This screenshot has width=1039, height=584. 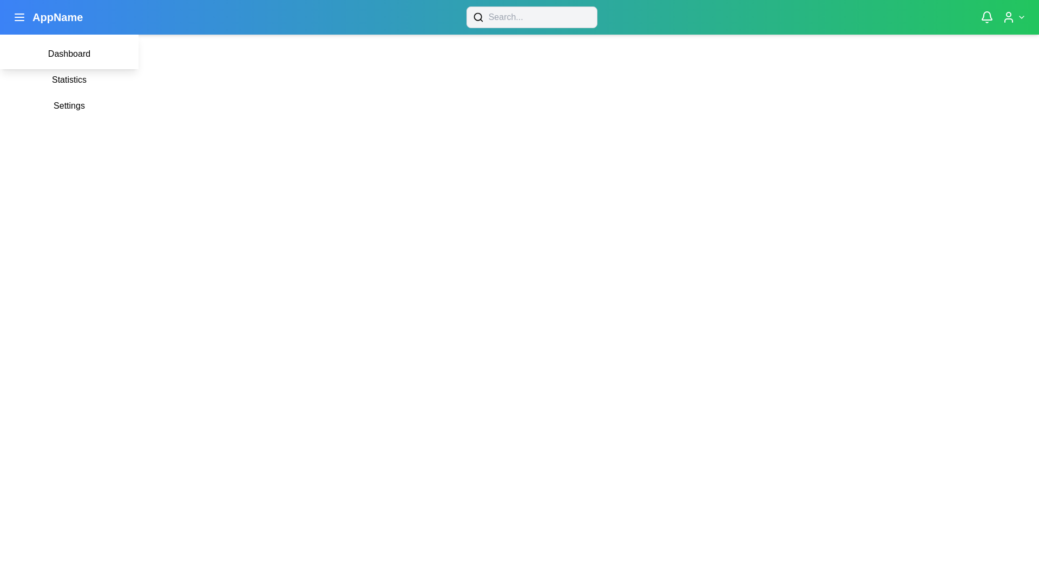 I want to click on the circular lens of the magnifying glass icon, which is located at the left end of the search bar in the top center of the interface, so click(x=477, y=17).